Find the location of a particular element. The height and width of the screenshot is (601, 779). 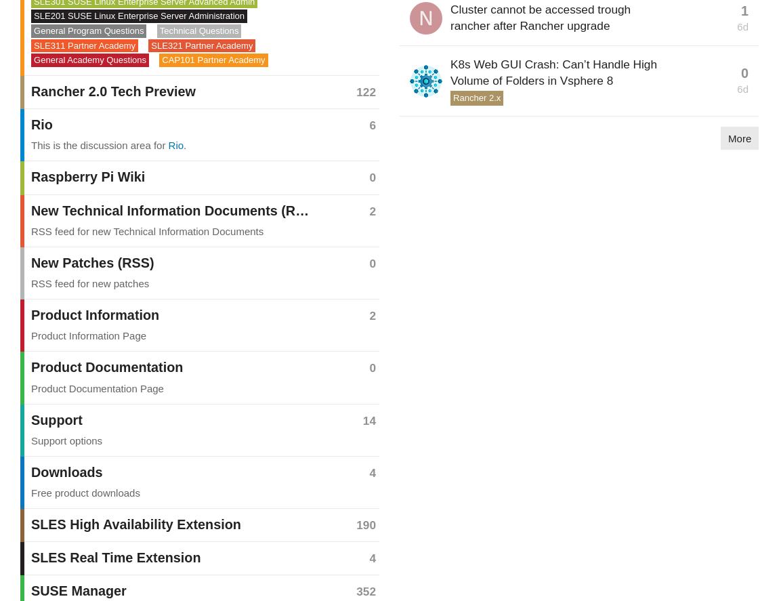

'RSS feed for new patches' is located at coordinates (89, 283).